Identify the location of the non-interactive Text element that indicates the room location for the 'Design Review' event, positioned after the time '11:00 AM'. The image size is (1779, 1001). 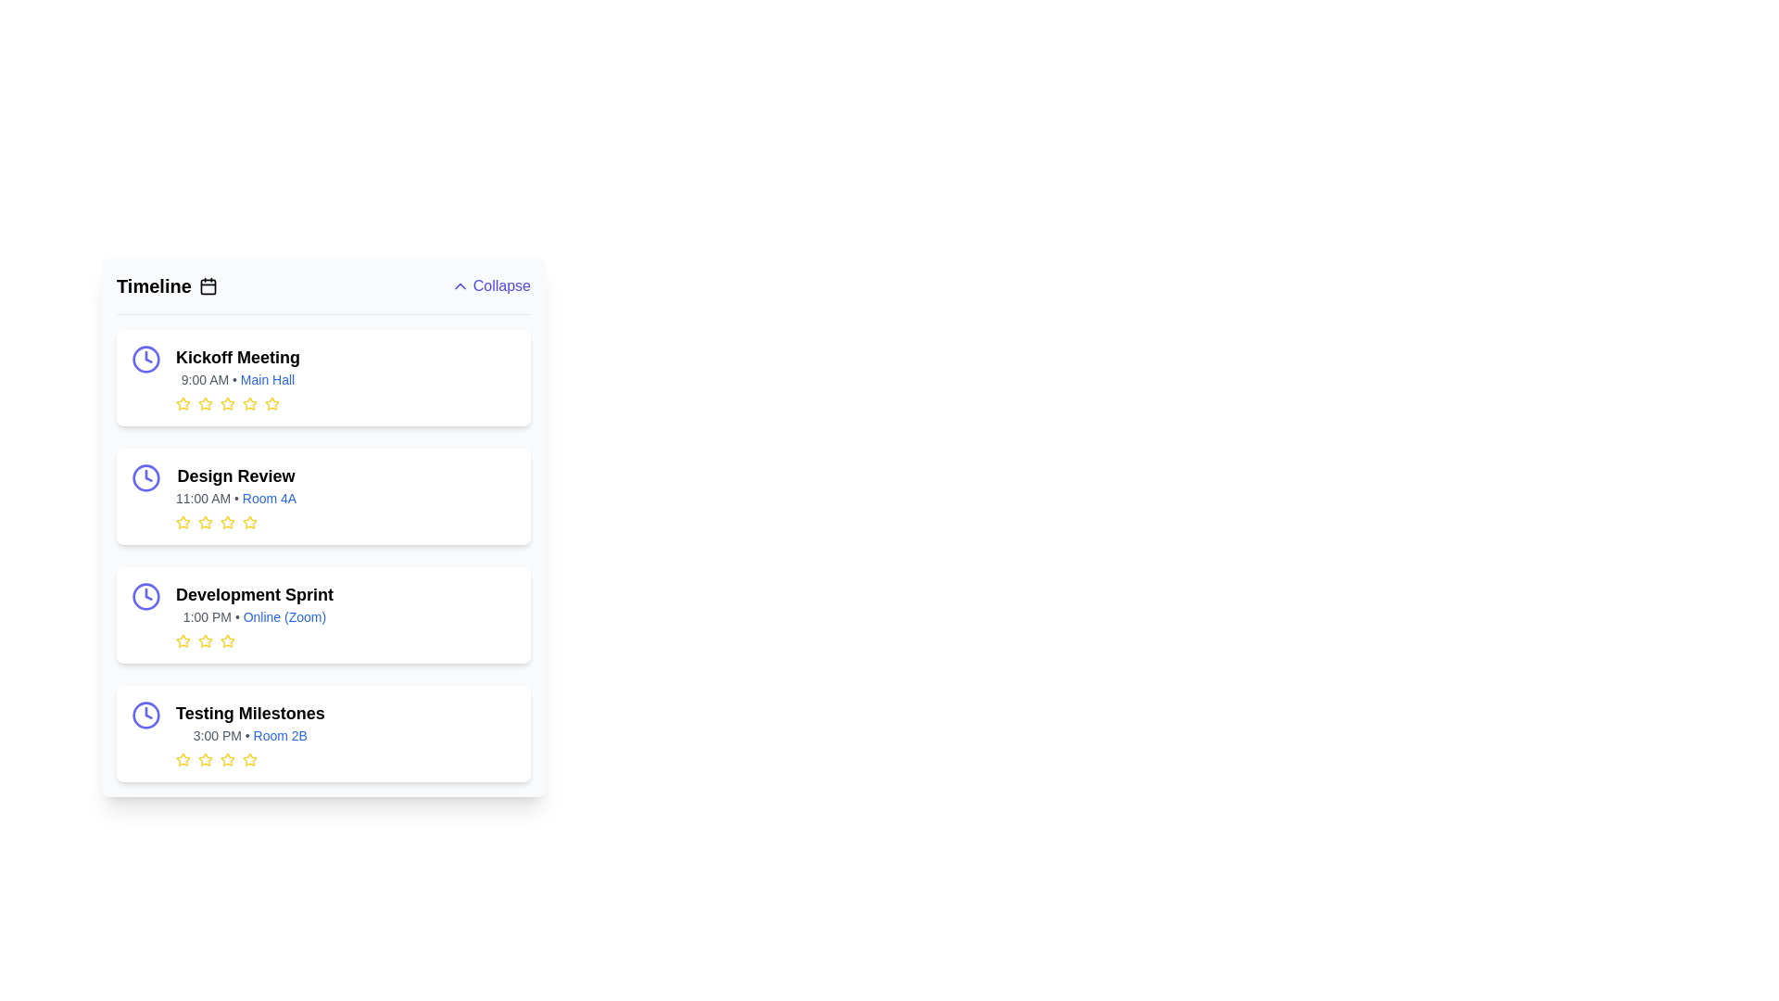
(269, 497).